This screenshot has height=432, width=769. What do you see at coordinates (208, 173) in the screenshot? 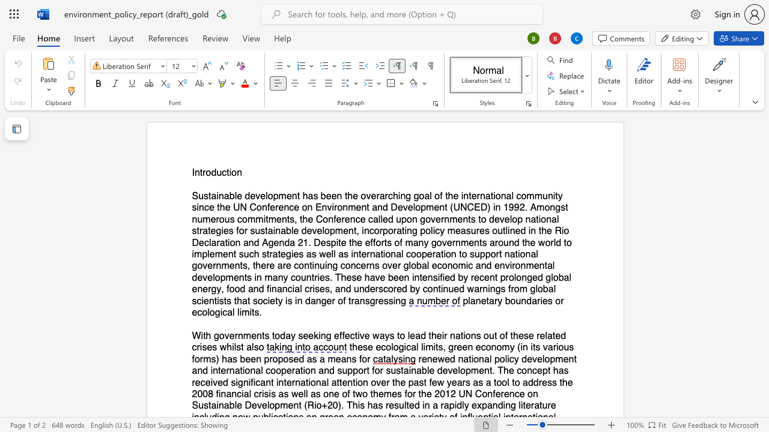
I see `the 1th character "o" in the text` at bounding box center [208, 173].